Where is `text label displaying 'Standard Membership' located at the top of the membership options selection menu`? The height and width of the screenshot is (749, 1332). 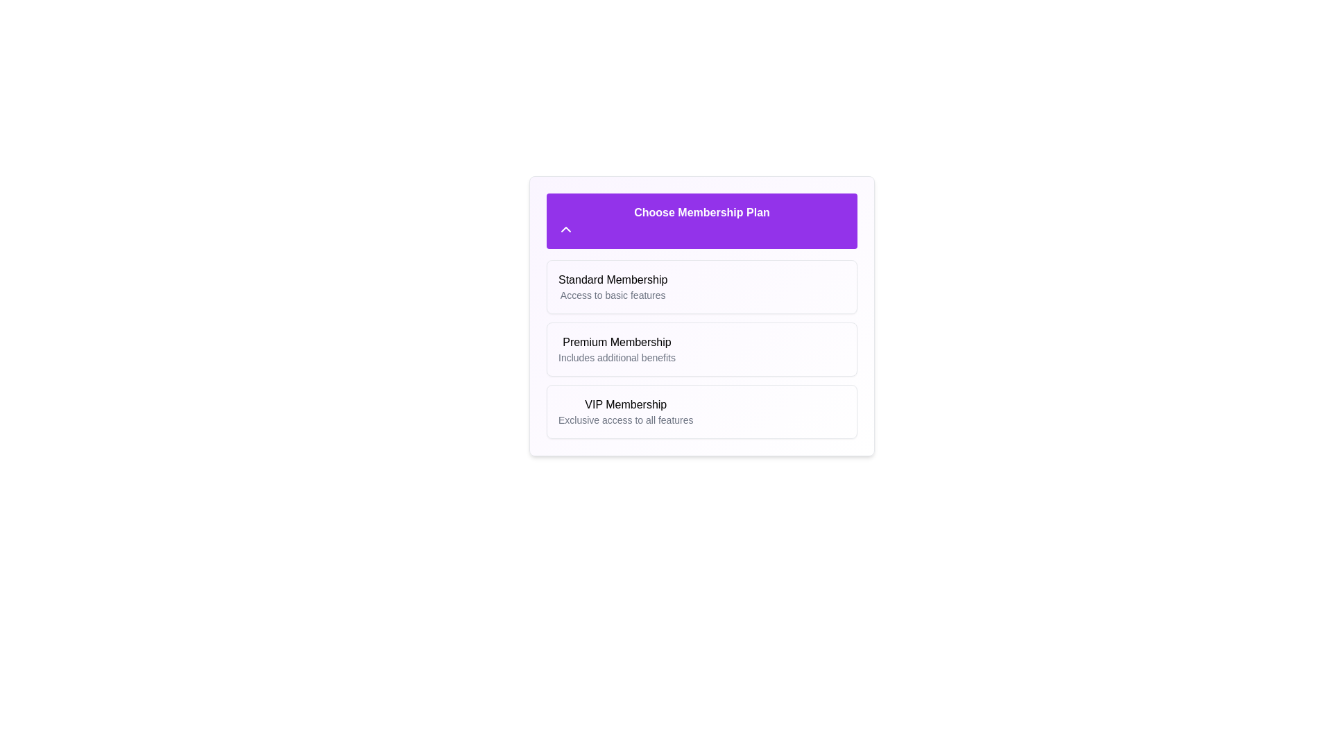
text label displaying 'Standard Membership' located at the top of the membership options selection menu is located at coordinates (612, 280).